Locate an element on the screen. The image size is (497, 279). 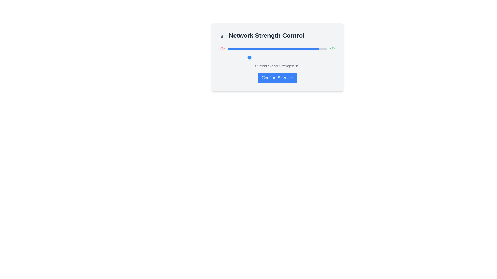
the slider to set the network strength to 2 is located at coordinates (231, 58).